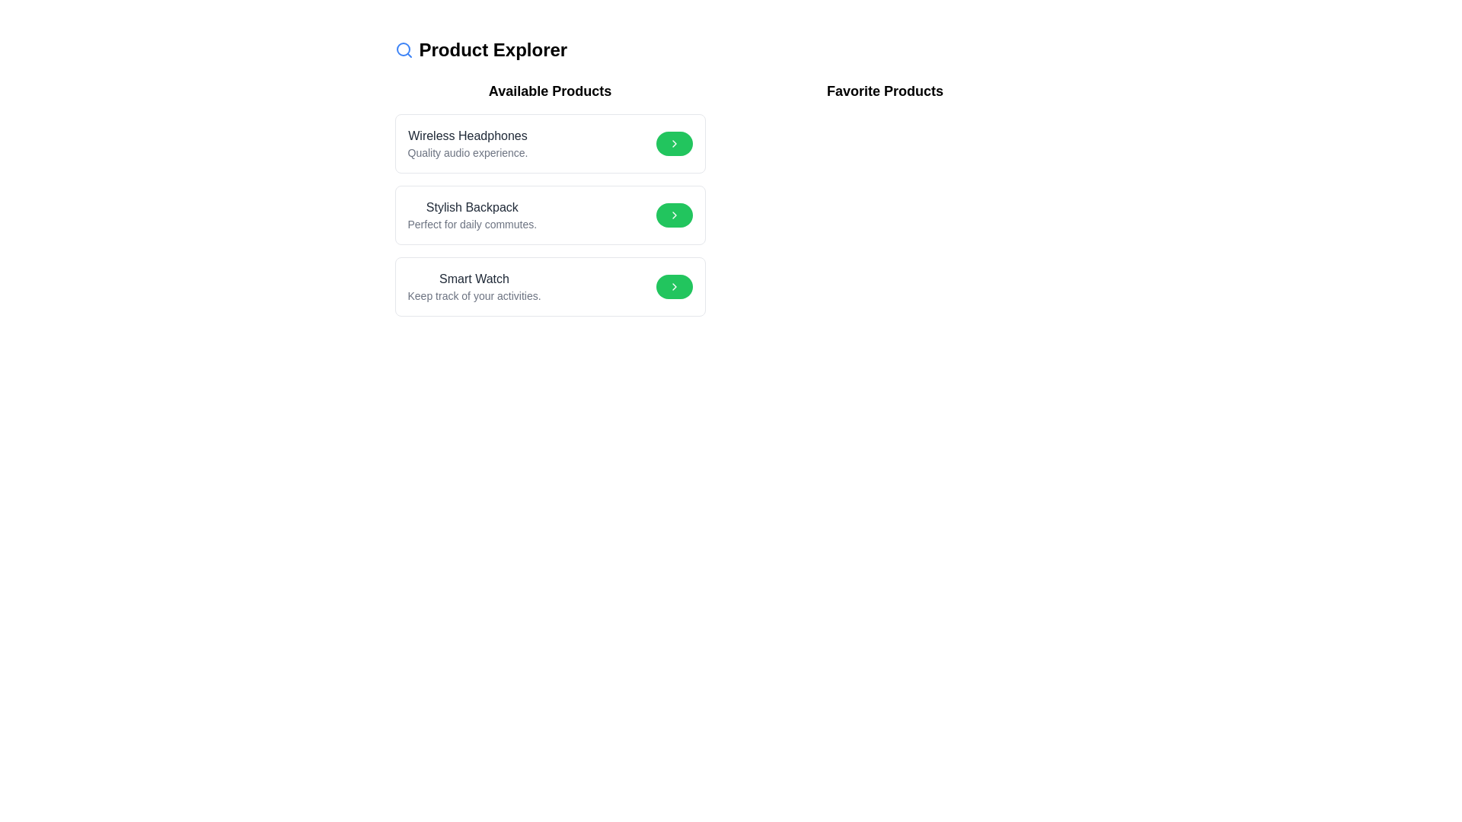 This screenshot has width=1462, height=822. What do you see at coordinates (885, 91) in the screenshot?
I see `the header label for the user's favorite products, which is positioned near the top right section of the layout and slightly above the 'Available Products' section` at bounding box center [885, 91].